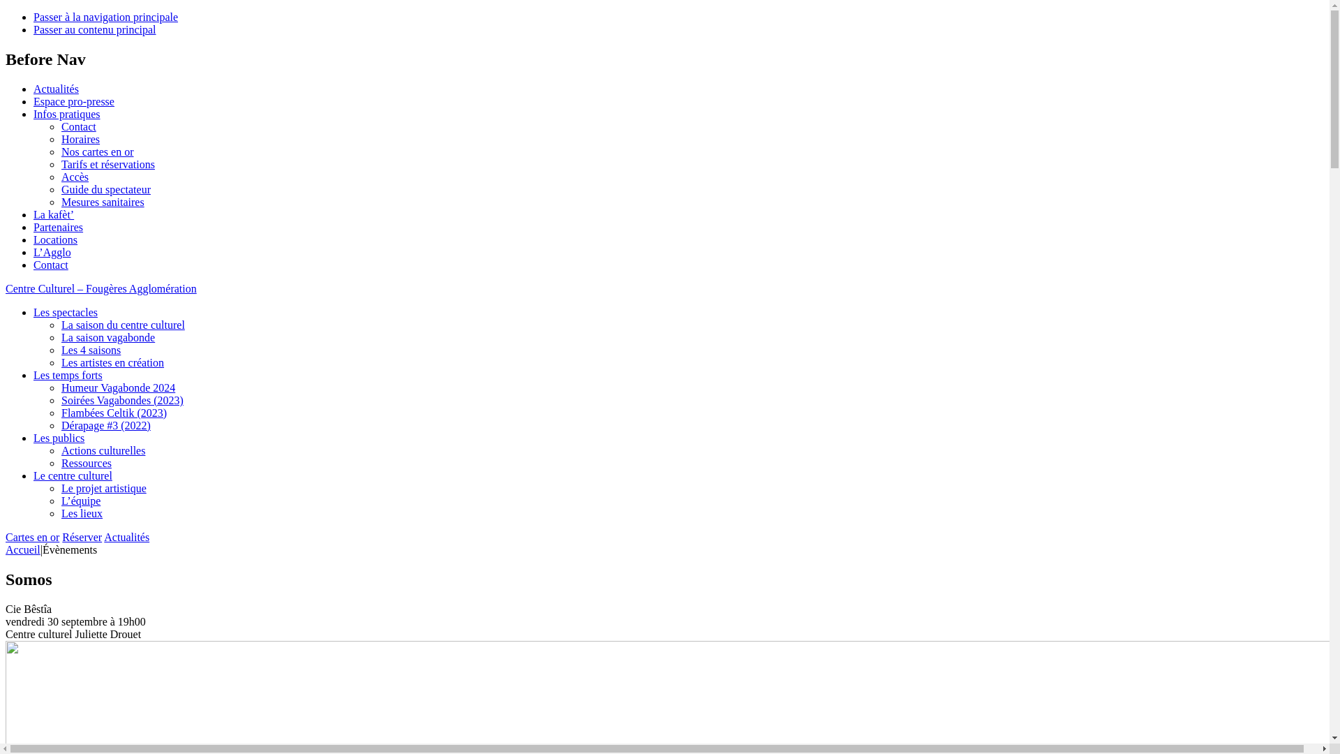 The image size is (1340, 754). I want to click on 'Guide du spectateur', so click(105, 189).